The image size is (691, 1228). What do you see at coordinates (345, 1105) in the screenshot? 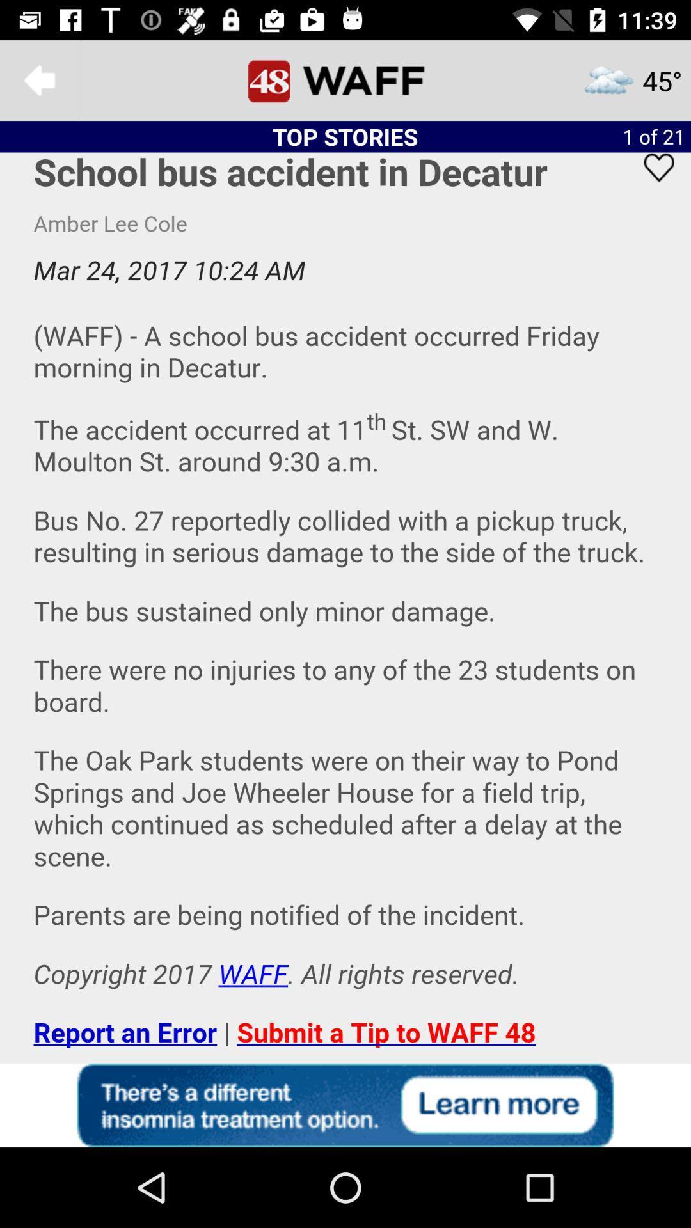
I see `advertisement` at bounding box center [345, 1105].